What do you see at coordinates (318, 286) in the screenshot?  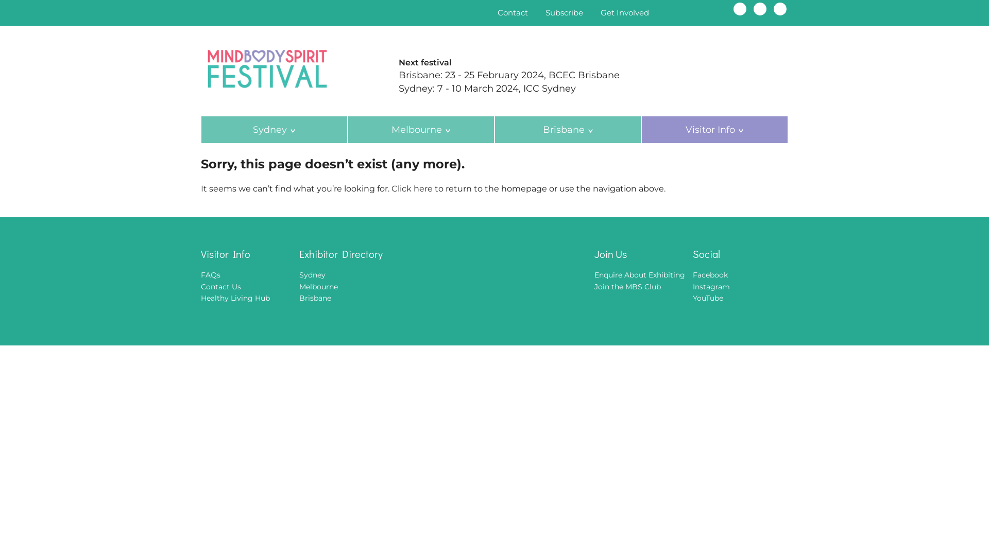 I see `'Melbourne'` at bounding box center [318, 286].